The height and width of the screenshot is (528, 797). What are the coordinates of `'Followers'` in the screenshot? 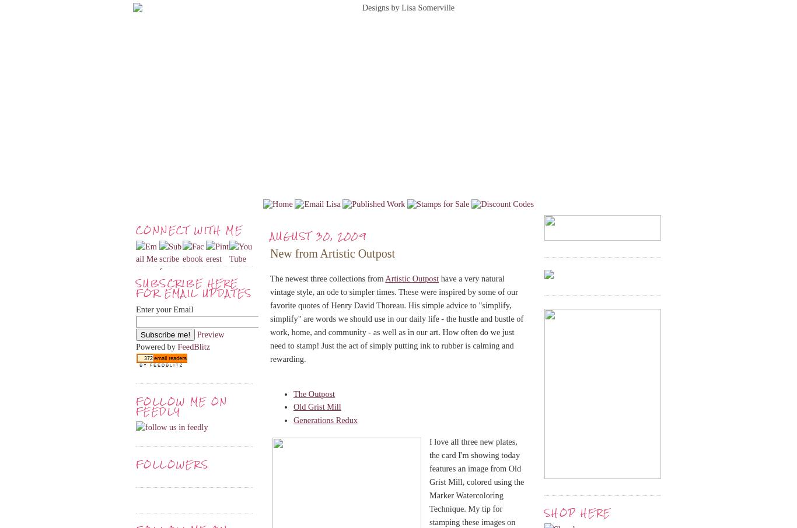 It's located at (136, 464).